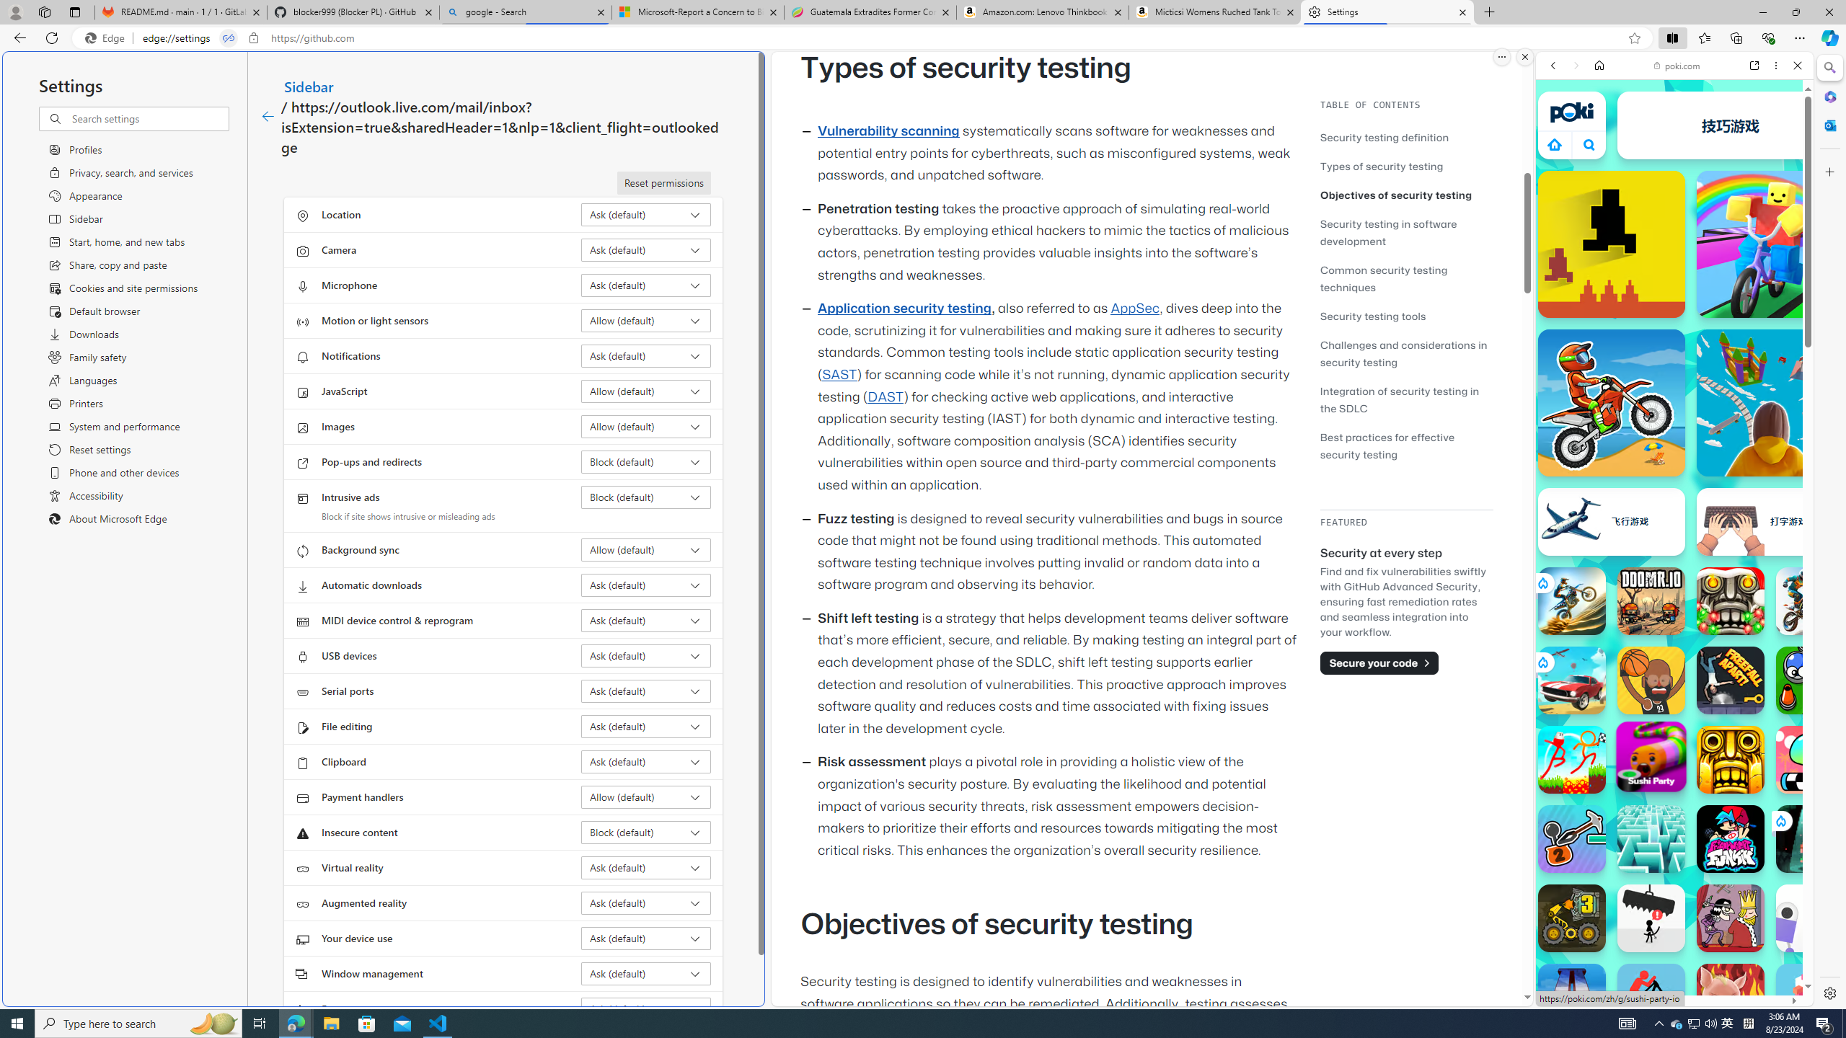 This screenshot has width=1846, height=1038. Describe the element at coordinates (1673, 514) in the screenshot. I see `'Games for Girls'` at that location.